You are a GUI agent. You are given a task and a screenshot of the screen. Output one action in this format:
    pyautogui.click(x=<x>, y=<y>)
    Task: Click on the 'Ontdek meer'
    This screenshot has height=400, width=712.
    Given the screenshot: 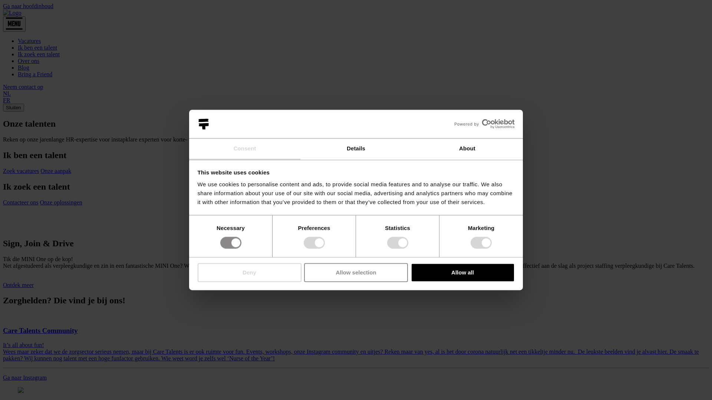 What is the action you would take?
    pyautogui.click(x=3, y=284)
    